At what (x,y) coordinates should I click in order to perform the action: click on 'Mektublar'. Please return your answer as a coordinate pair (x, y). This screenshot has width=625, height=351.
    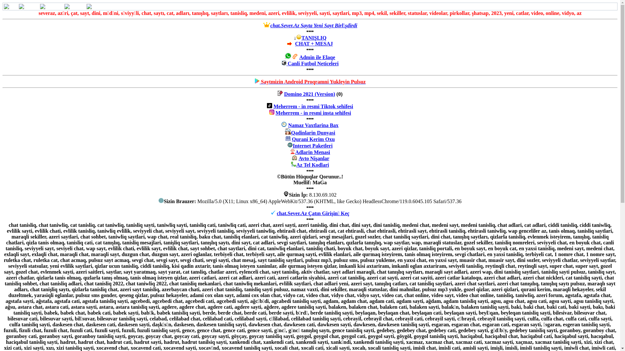
    Looking at the image, I should click on (51, 6).